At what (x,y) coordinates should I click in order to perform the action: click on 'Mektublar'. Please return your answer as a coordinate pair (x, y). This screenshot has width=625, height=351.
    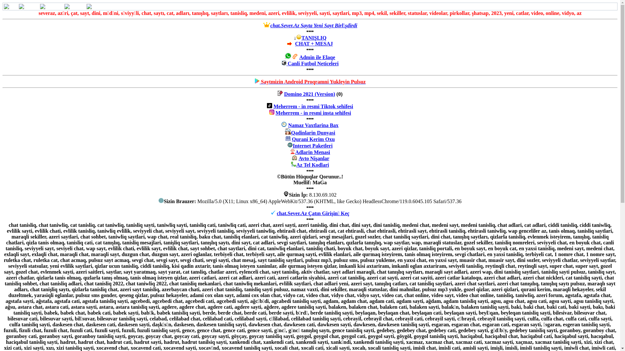
    Looking at the image, I should click on (51, 6).